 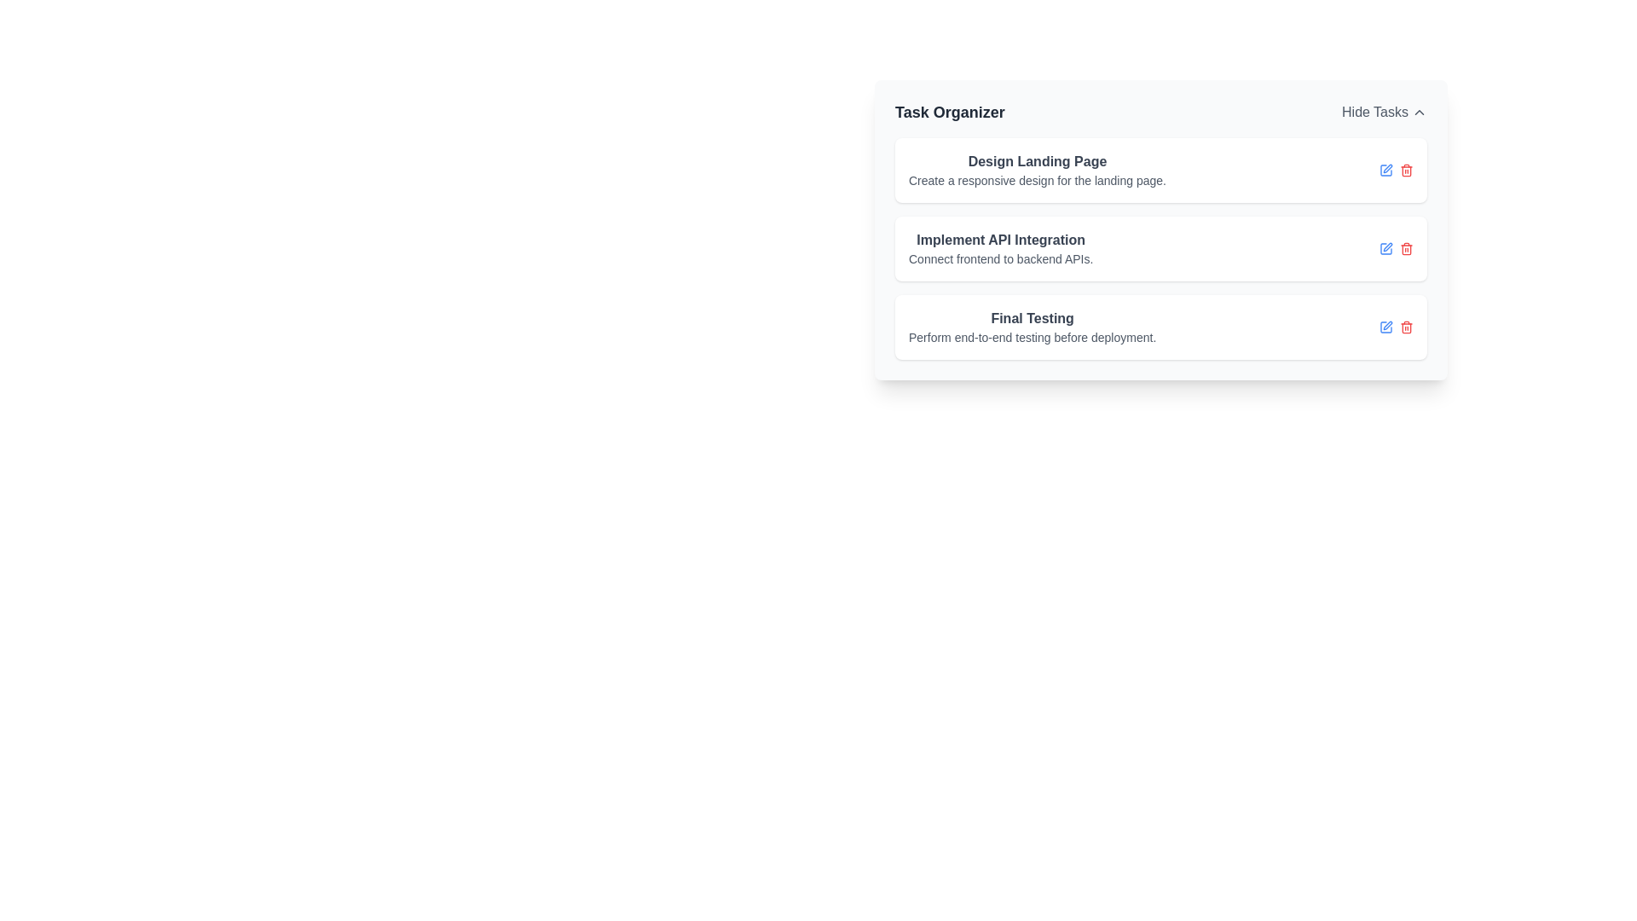 What do you see at coordinates (1384, 112) in the screenshot?
I see `the button located in the top-right corner of the 'Task Organizer' section` at bounding box center [1384, 112].